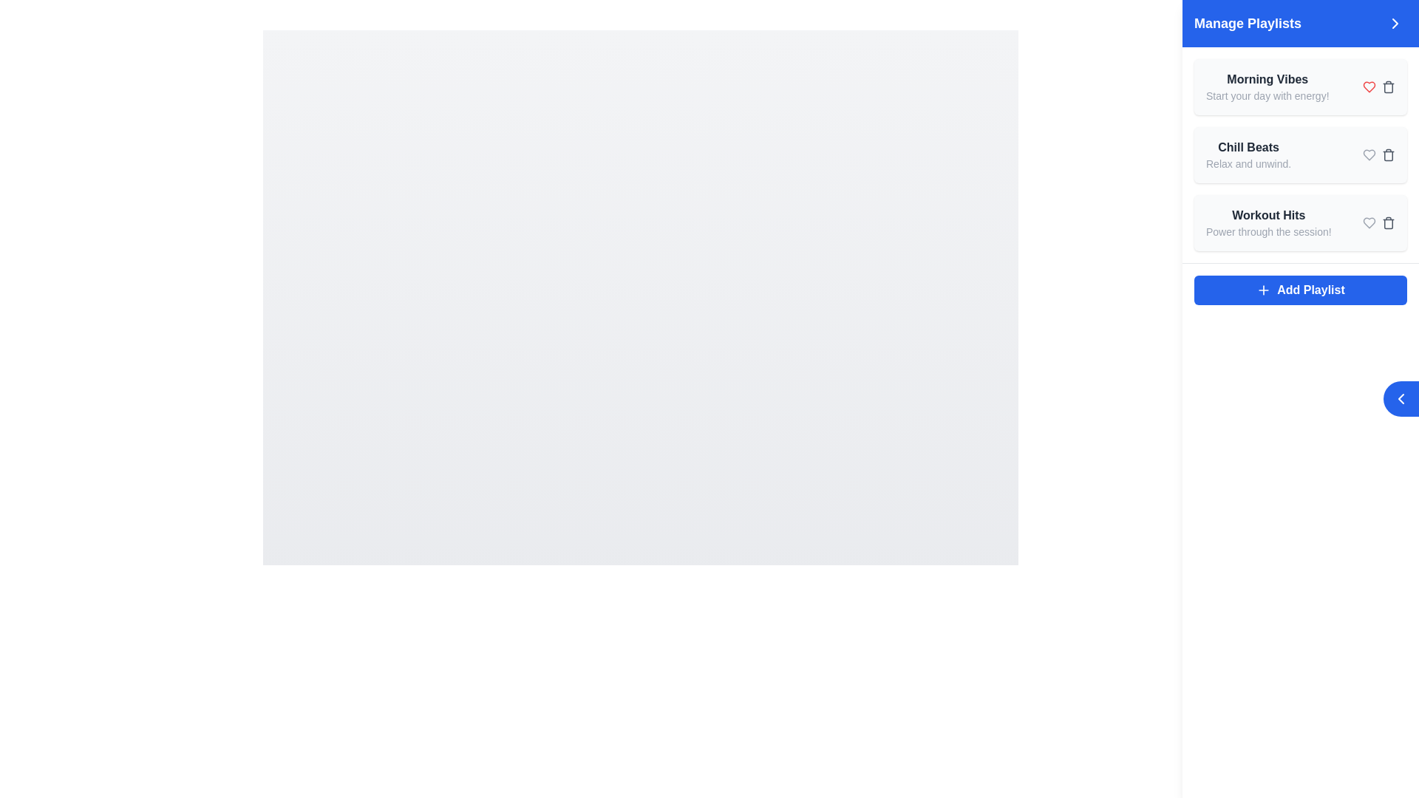 The image size is (1419, 798). What do you see at coordinates (1401, 399) in the screenshot?
I see `the rounded button containing the left-facing chevron icon with a blue background and white border` at bounding box center [1401, 399].